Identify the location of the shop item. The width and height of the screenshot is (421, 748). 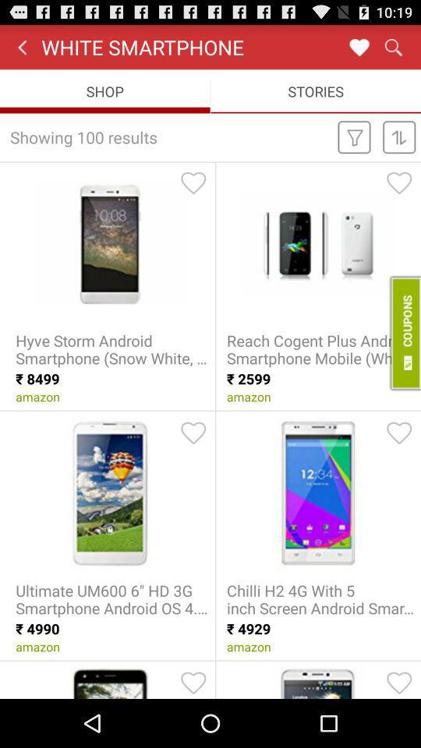
(104, 91).